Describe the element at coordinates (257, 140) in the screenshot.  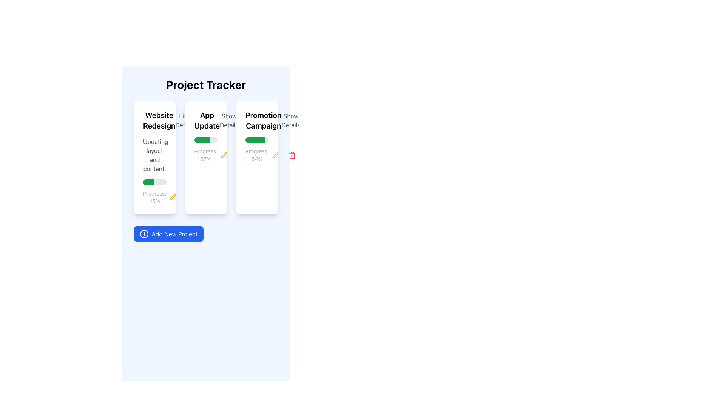
I see `the horizontal progress bar with a rounded design located in the 'Promotion Campaign' card, positioned below the title and above the 'Progress: 84%' text label` at that location.